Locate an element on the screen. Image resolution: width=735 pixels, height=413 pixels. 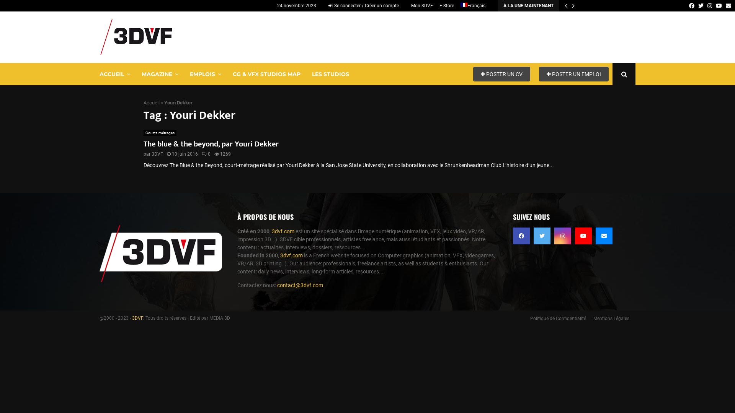
'Facebook' is located at coordinates (689, 6).